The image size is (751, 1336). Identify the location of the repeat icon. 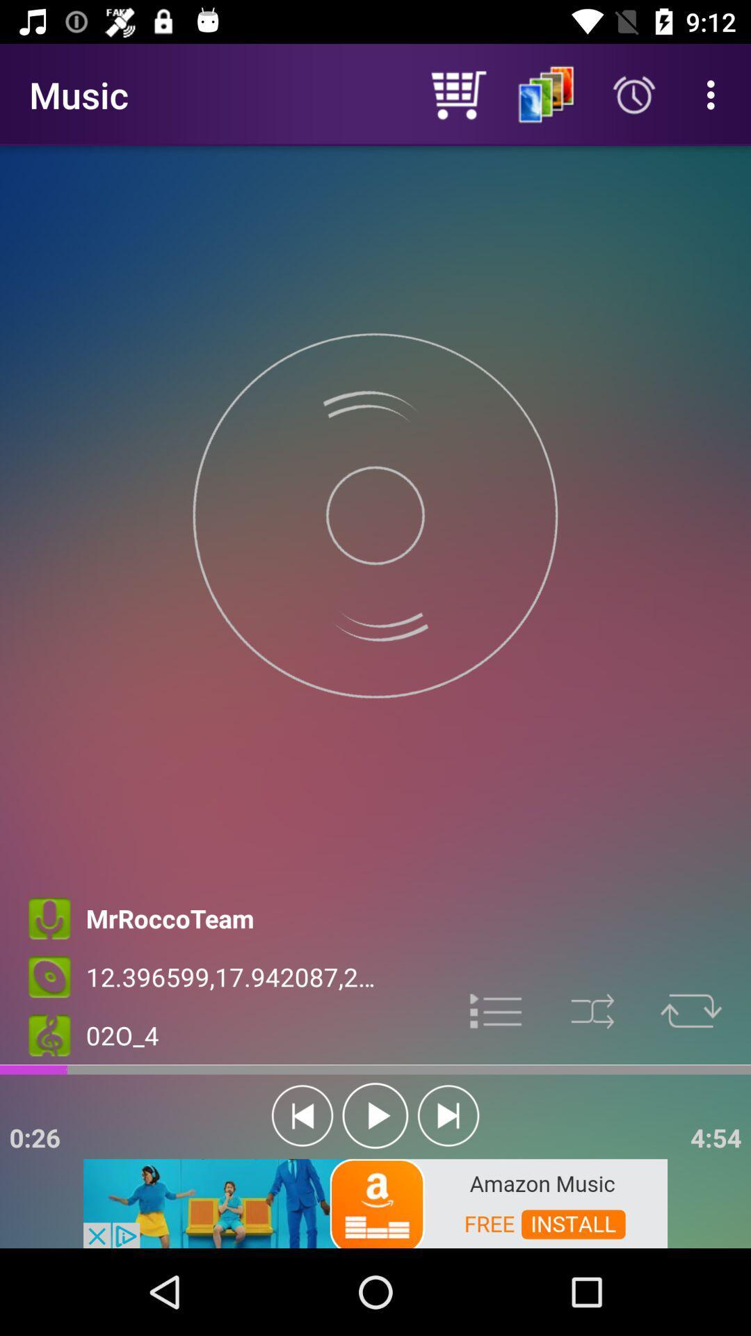
(691, 1011).